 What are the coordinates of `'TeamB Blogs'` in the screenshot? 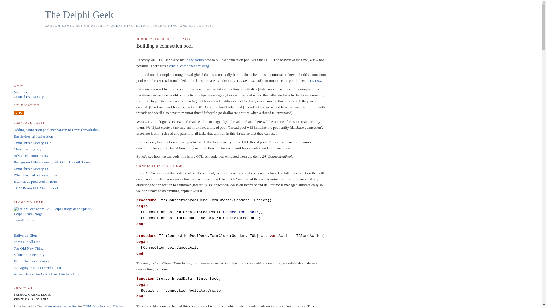 It's located at (23, 220).